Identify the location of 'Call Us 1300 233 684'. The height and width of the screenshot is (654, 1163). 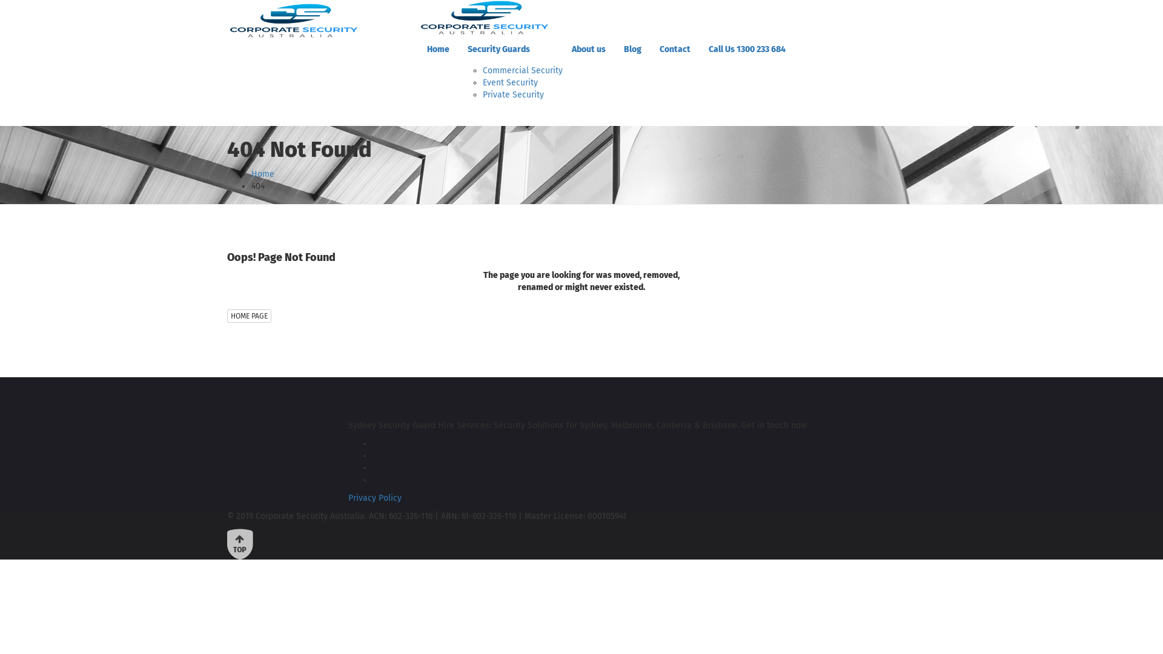
(746, 48).